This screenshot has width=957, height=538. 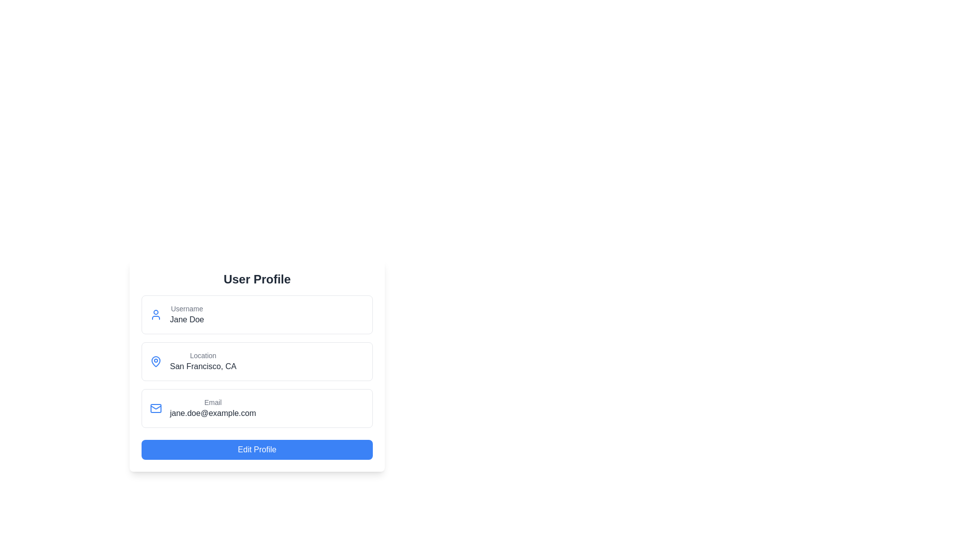 I want to click on the text label stating 'San Francisco, CA', which is styled with a medium-weight font in dark gray color, positioned below the 'Location' label in the profile information section, so click(x=202, y=367).